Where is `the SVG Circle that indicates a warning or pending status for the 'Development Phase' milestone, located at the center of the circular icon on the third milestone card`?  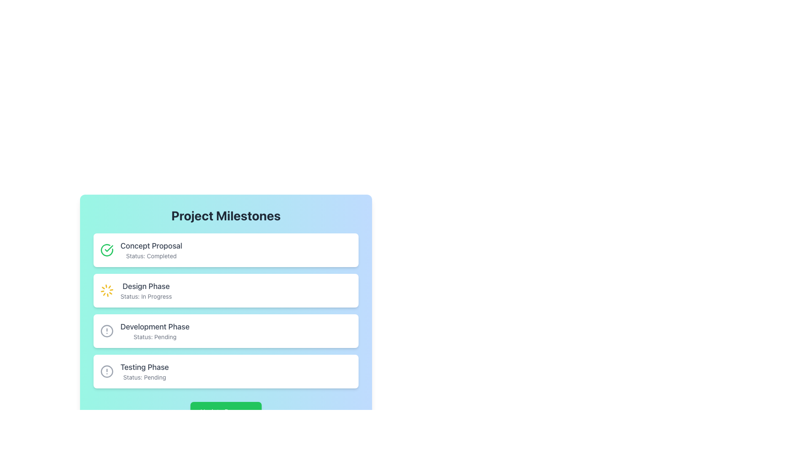
the SVG Circle that indicates a warning or pending status for the 'Development Phase' milestone, located at the center of the circular icon on the third milestone card is located at coordinates (107, 331).